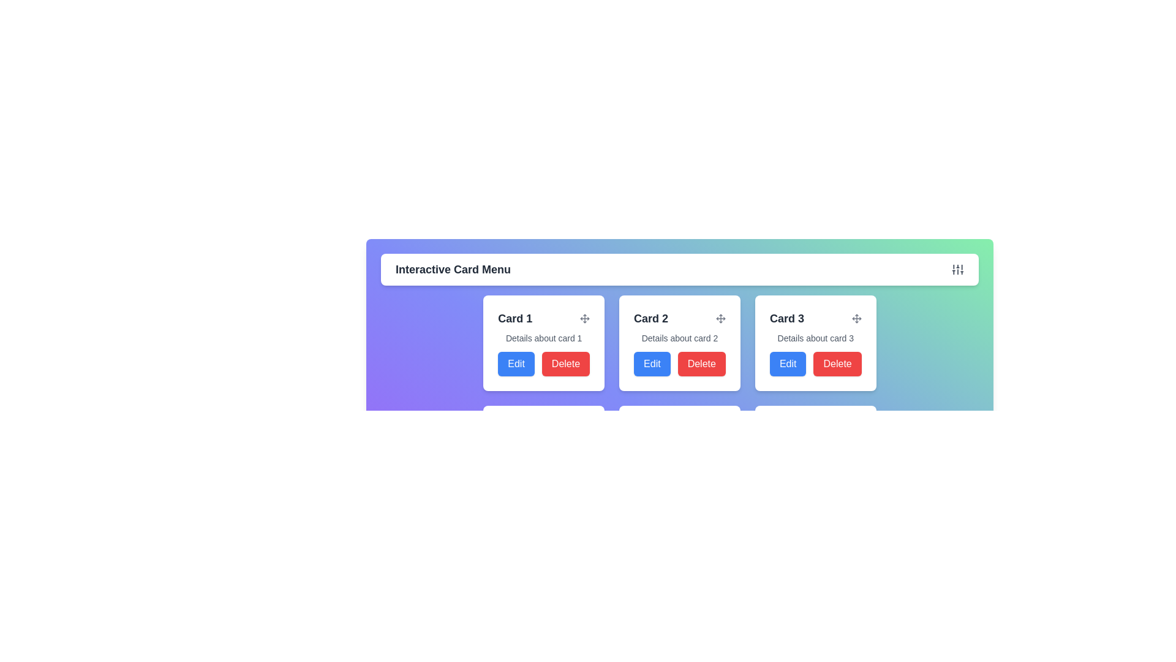 This screenshot has width=1176, height=662. What do you see at coordinates (679, 268) in the screenshot?
I see `the button labeled 'Interactive Card Menu' to toggle the menu visibility` at bounding box center [679, 268].